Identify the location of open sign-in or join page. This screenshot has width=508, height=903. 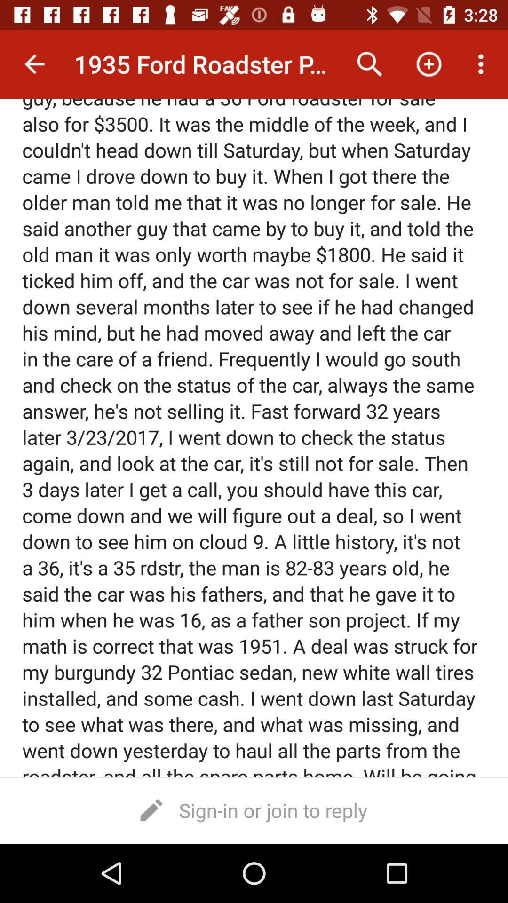
(254, 809).